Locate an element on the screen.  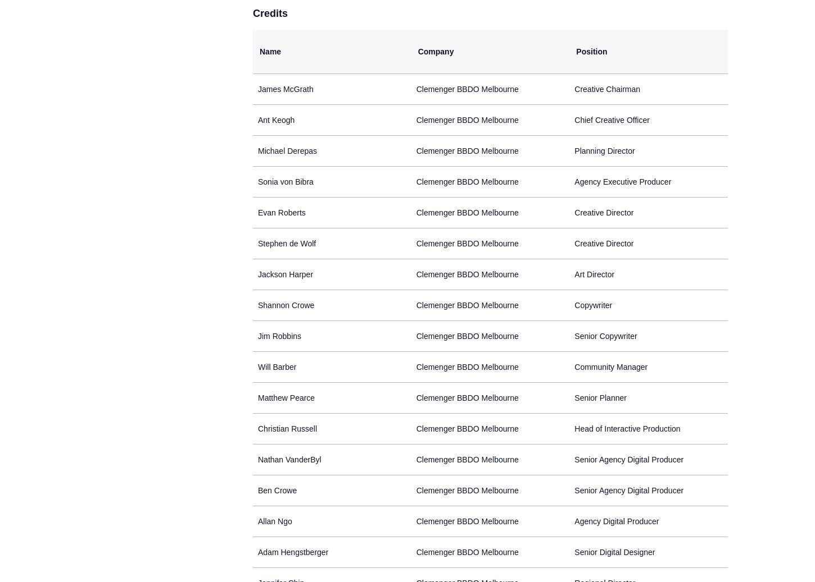
'Copywriter' is located at coordinates (593, 305).